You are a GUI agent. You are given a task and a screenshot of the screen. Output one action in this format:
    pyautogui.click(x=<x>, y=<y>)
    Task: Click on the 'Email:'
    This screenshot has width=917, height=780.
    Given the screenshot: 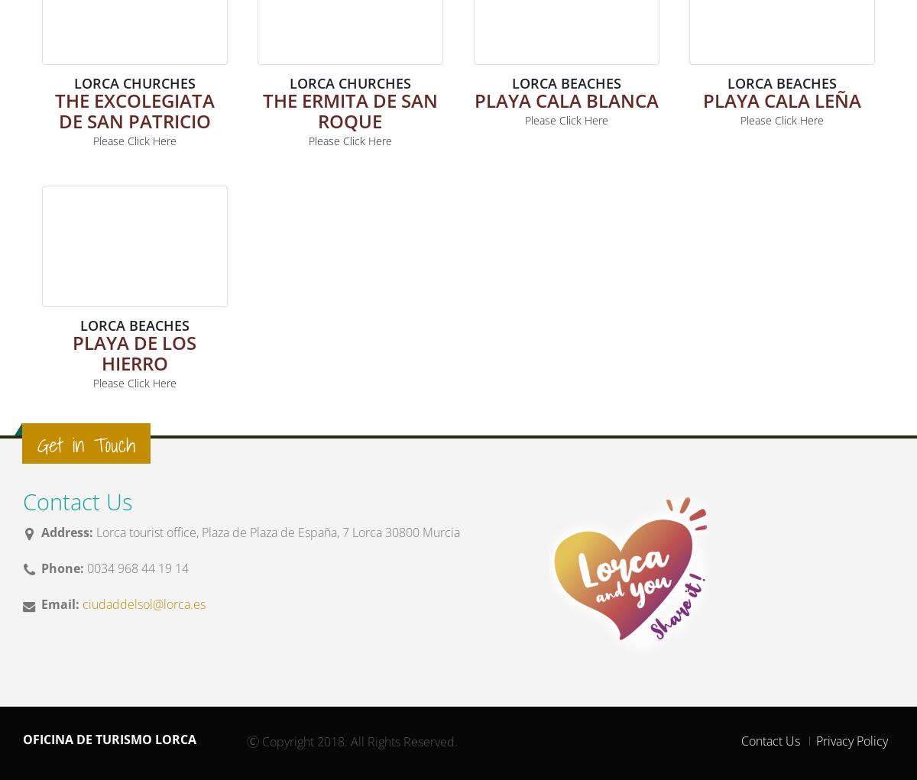 What is the action you would take?
    pyautogui.click(x=60, y=603)
    